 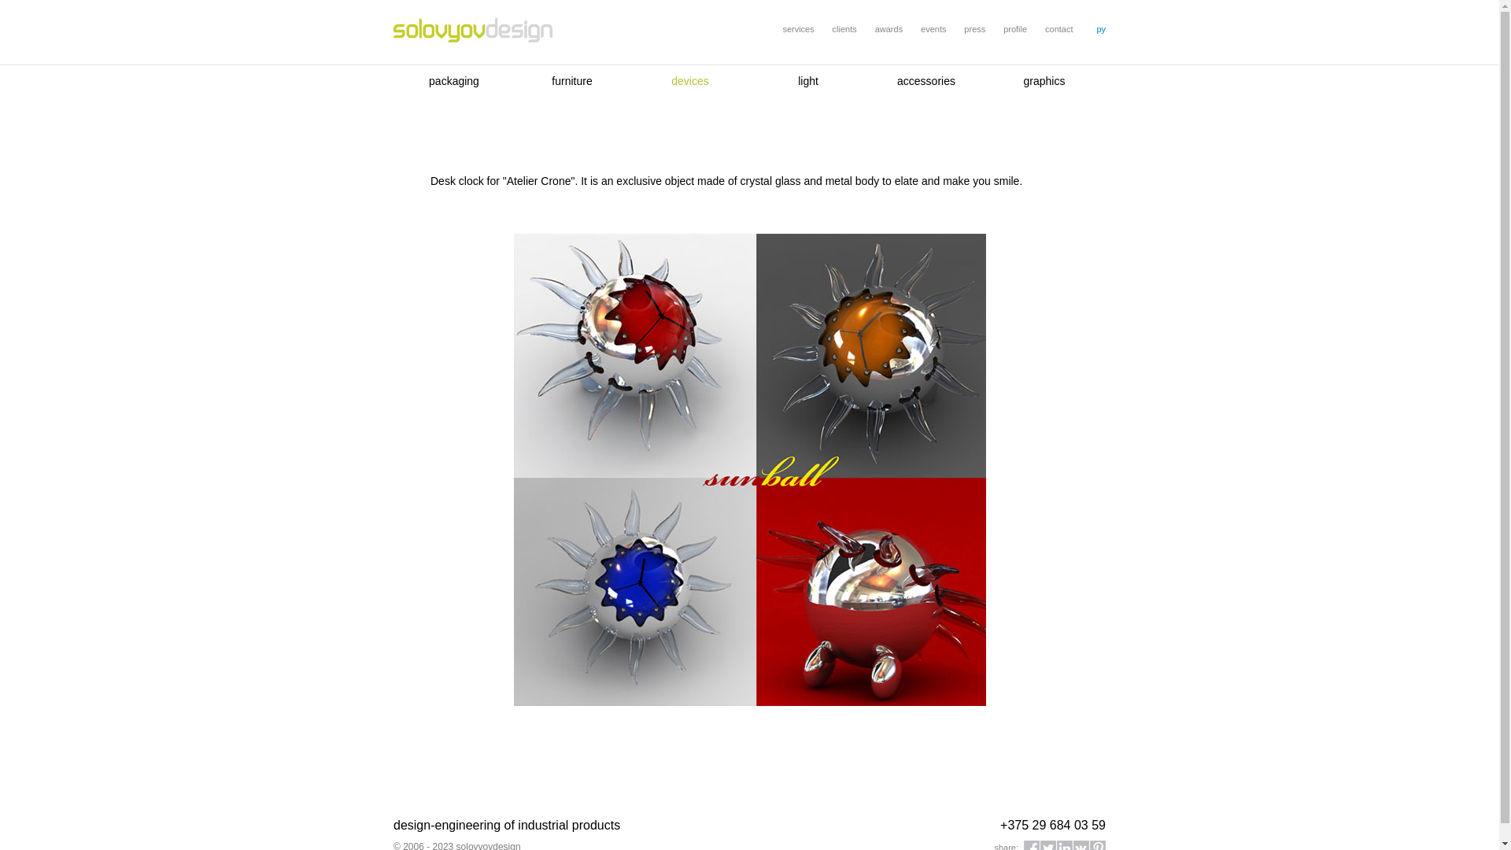 What do you see at coordinates (571, 81) in the screenshot?
I see `'furniture'` at bounding box center [571, 81].